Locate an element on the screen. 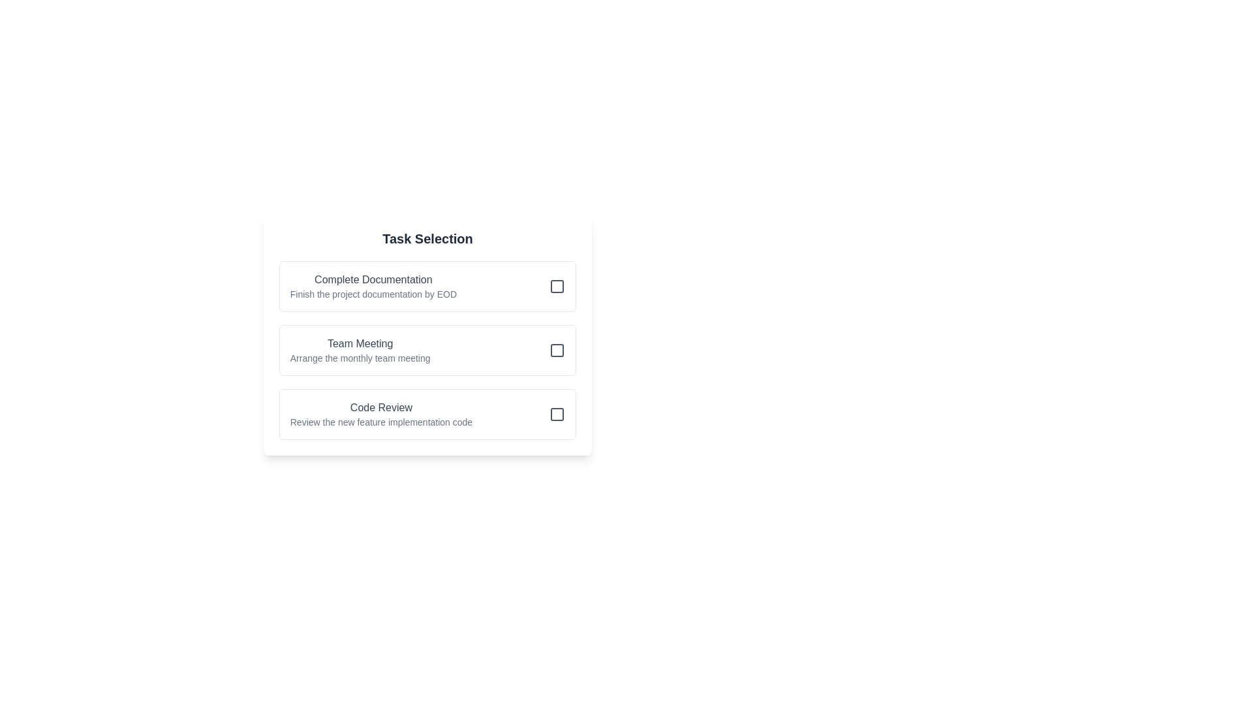  text details of the task item titled 'Complete Documentation' with the subtitle 'Finish the project documentation by EOD.' is located at coordinates (427, 286).